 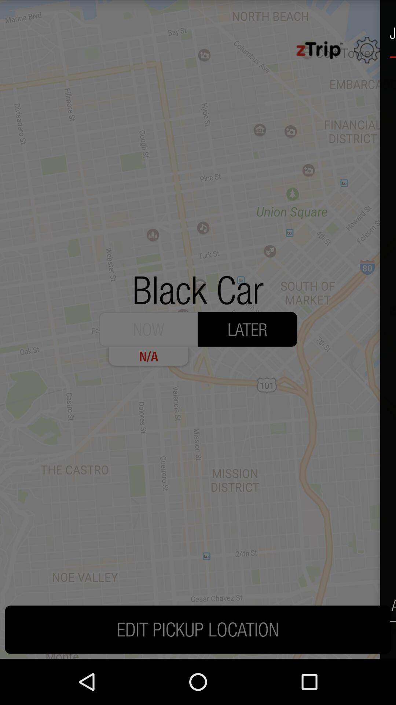 I want to click on the settings icon, so click(x=367, y=53).